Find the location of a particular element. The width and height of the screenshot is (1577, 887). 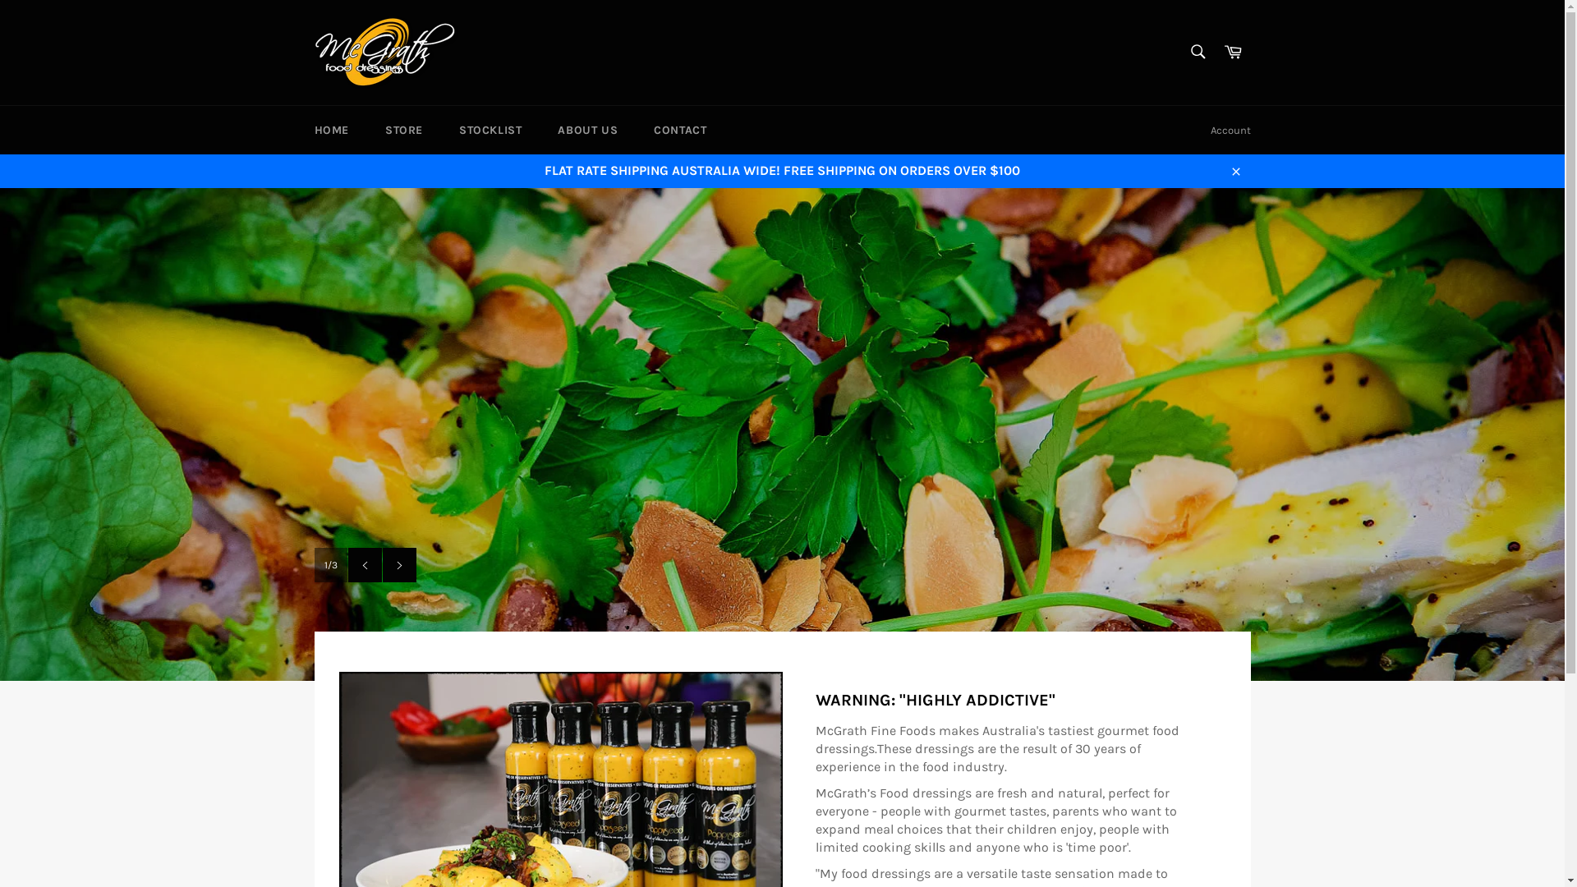

'Account' is located at coordinates (1202, 129).